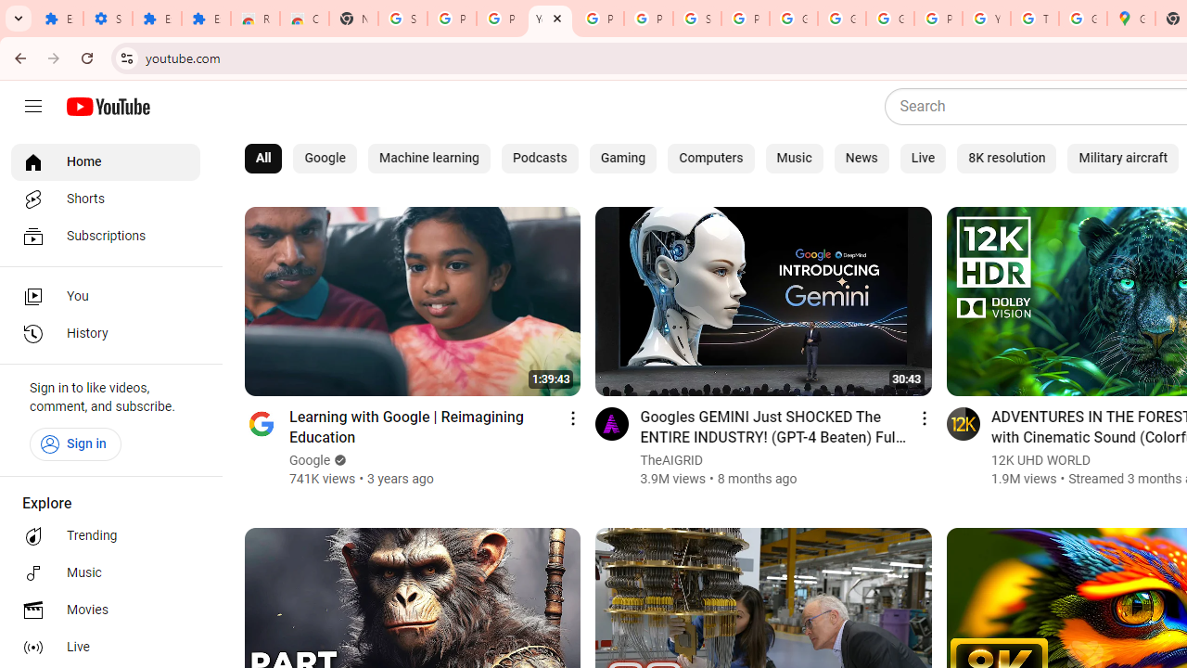 The height and width of the screenshot is (668, 1187). I want to click on 'News', so click(860, 158).